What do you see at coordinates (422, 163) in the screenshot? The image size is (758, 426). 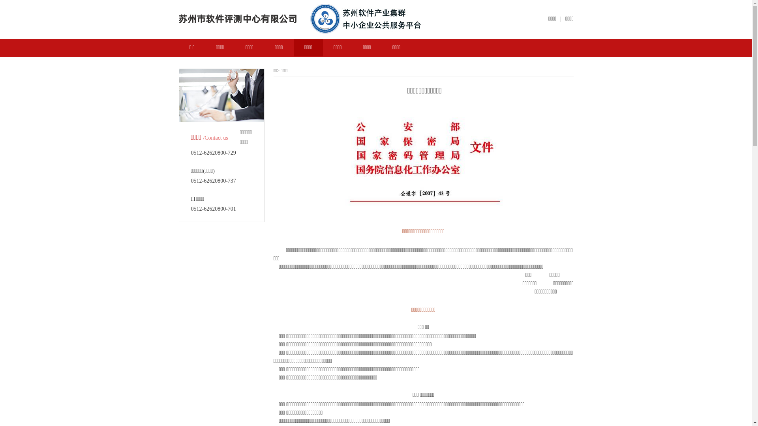 I see `'20130319170540152.jpg'` at bounding box center [422, 163].